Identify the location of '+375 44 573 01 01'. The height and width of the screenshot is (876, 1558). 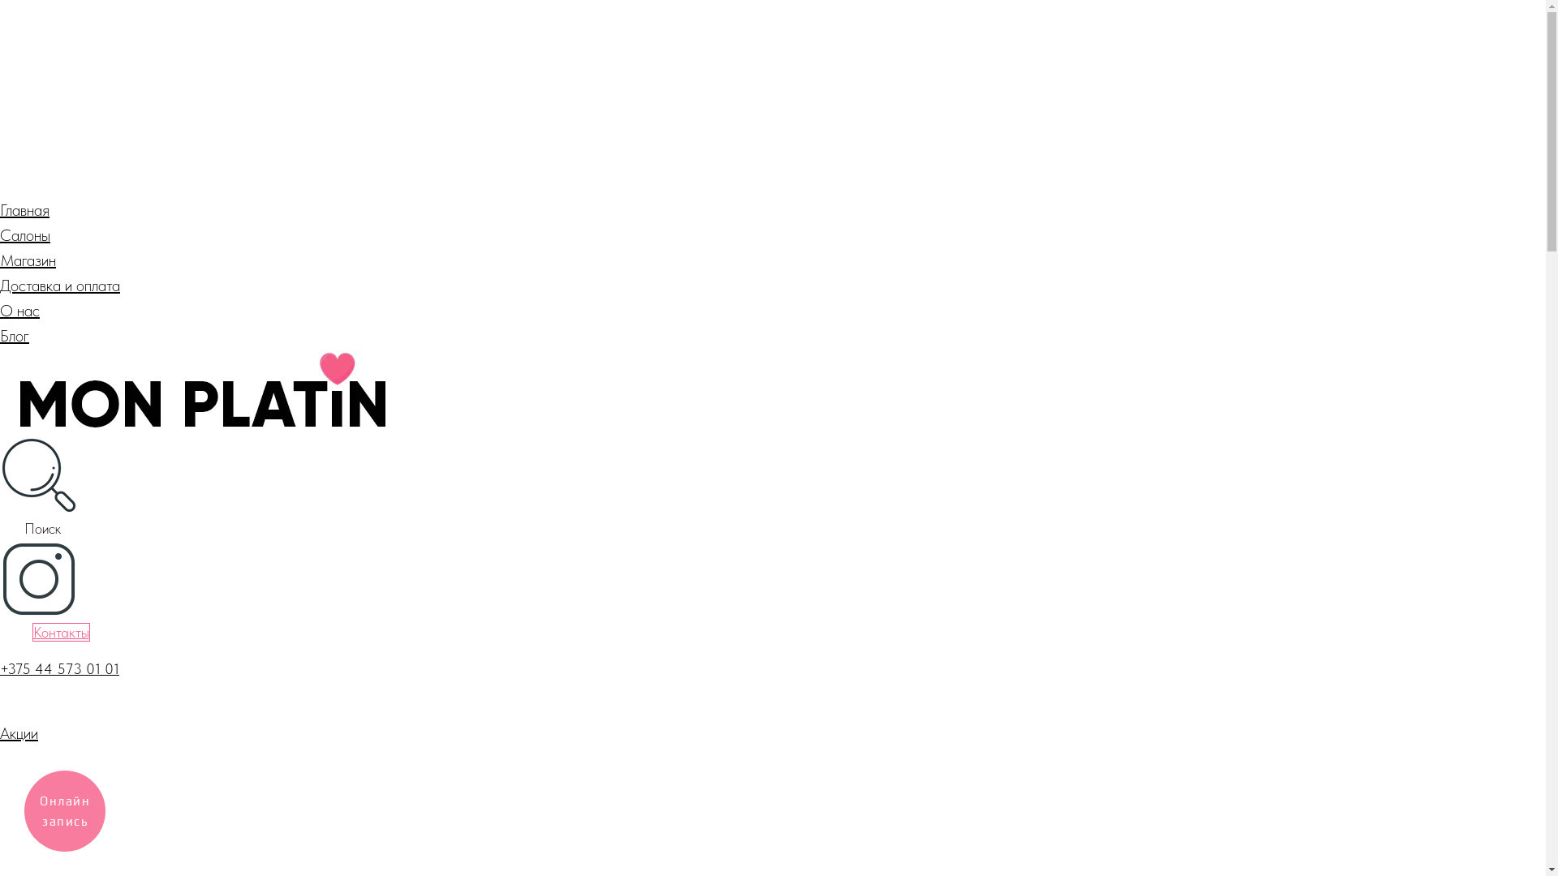
(59, 668).